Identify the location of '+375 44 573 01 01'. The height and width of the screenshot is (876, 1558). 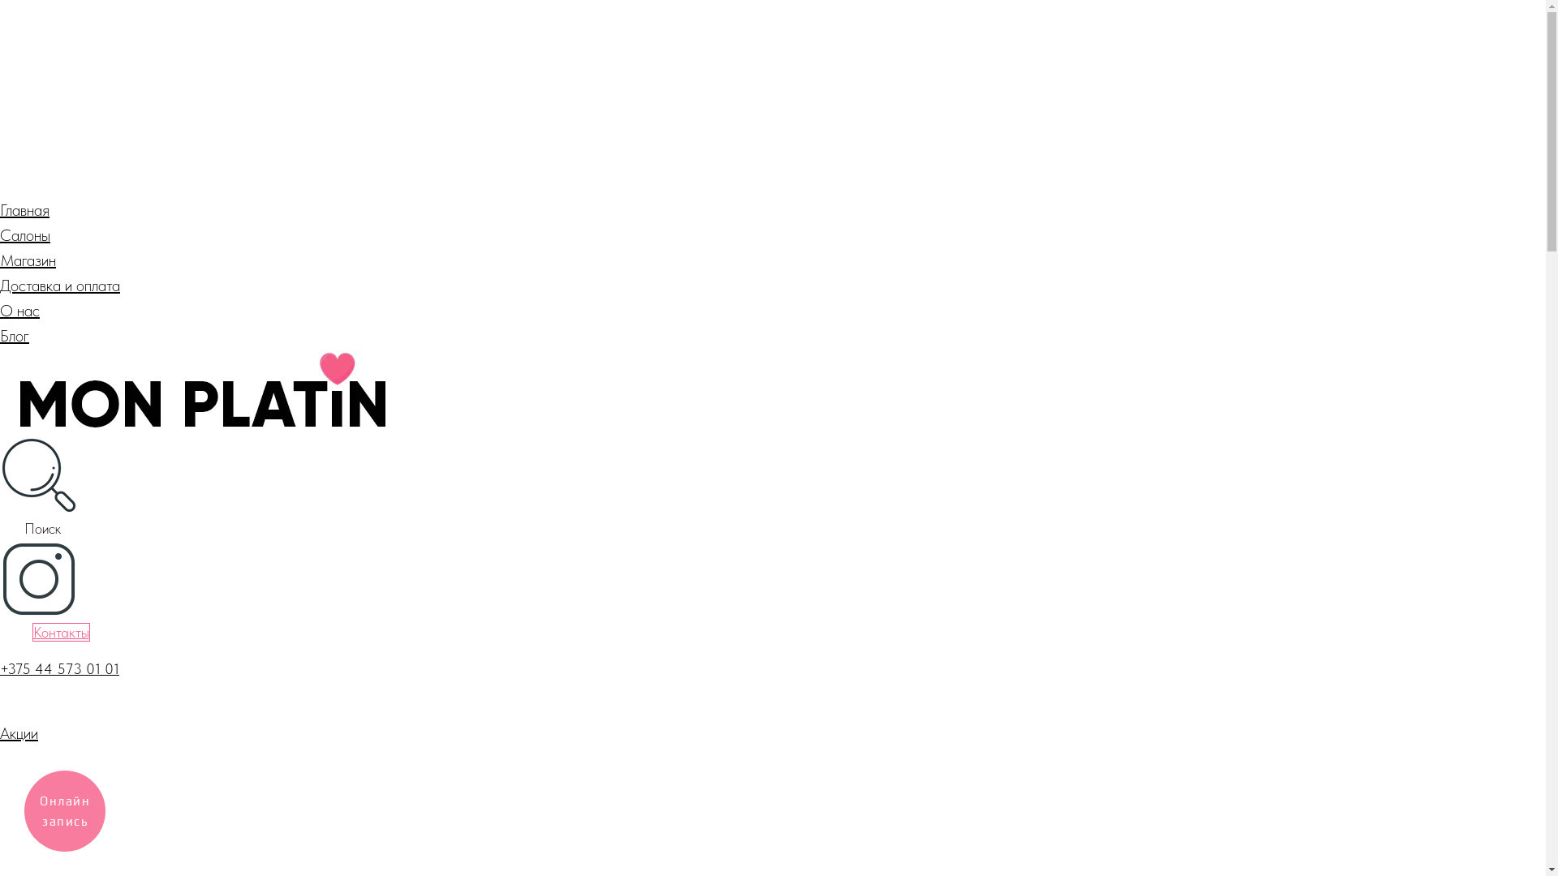
(59, 668).